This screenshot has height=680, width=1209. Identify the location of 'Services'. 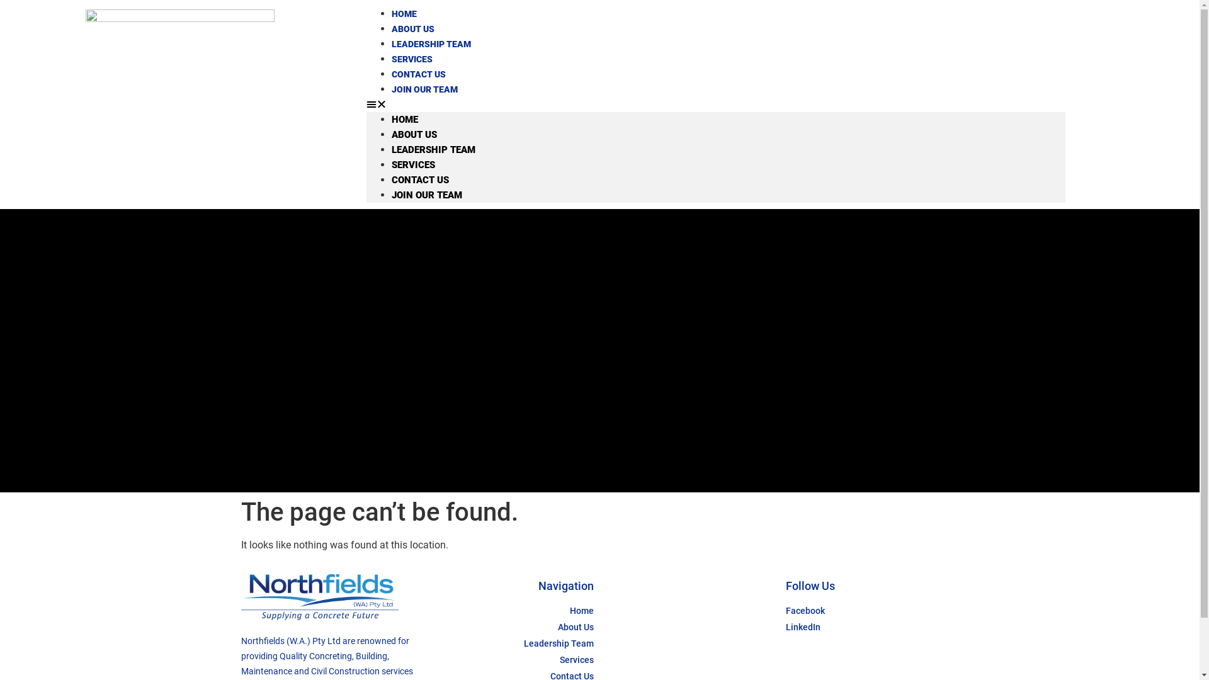
(510, 659).